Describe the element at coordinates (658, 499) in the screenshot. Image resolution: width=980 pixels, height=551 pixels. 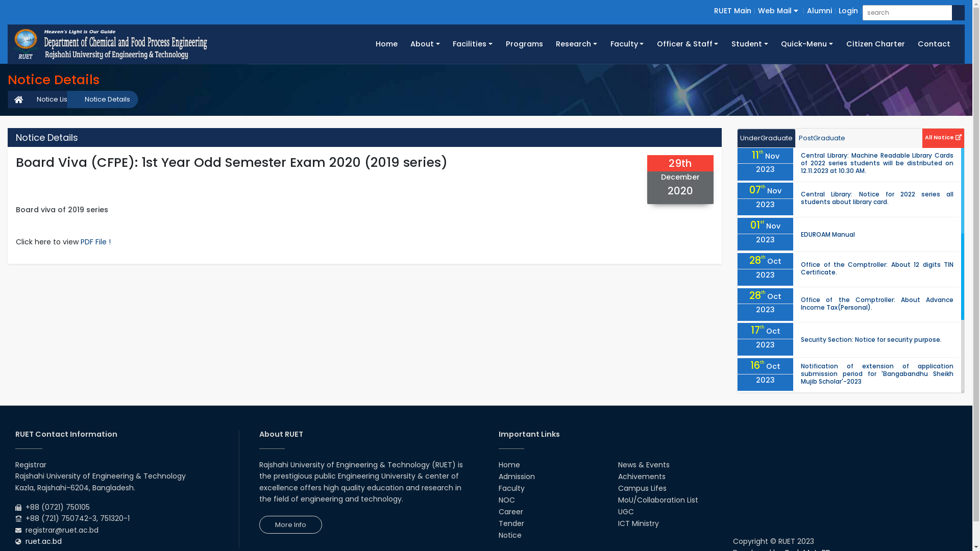
I see `'MoU/Collaboration List'` at that location.